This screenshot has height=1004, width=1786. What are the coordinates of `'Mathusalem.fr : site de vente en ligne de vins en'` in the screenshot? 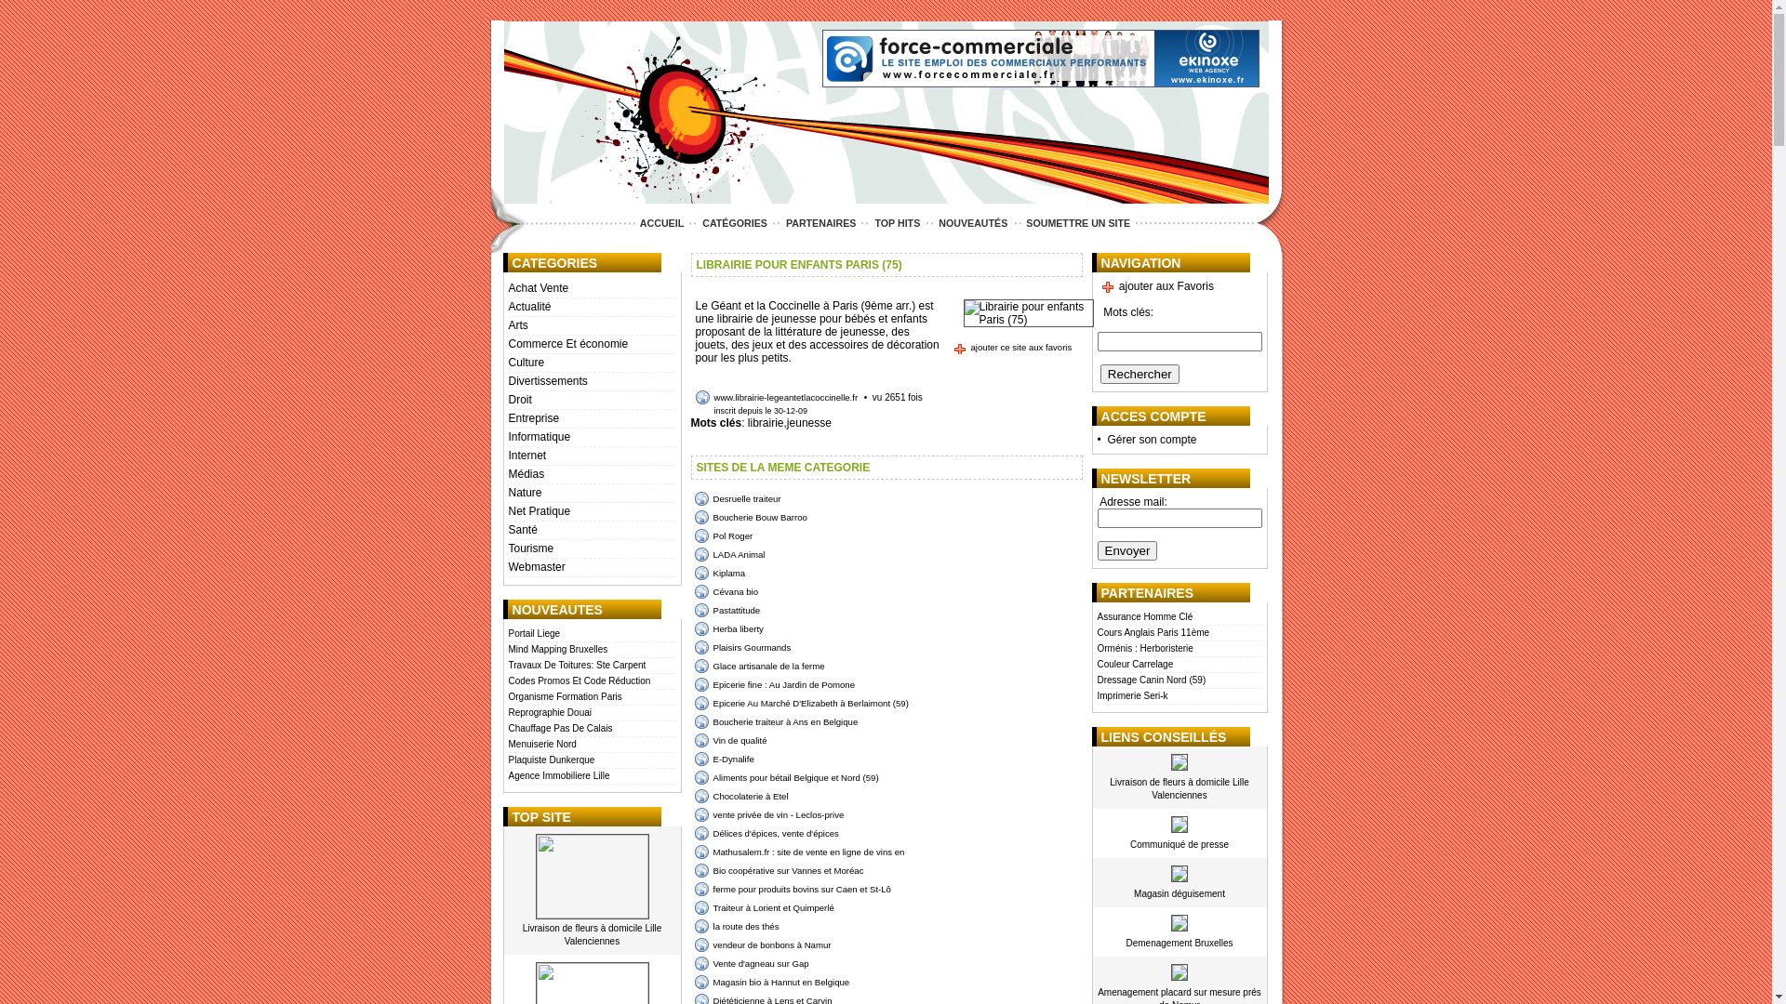 It's located at (799, 852).